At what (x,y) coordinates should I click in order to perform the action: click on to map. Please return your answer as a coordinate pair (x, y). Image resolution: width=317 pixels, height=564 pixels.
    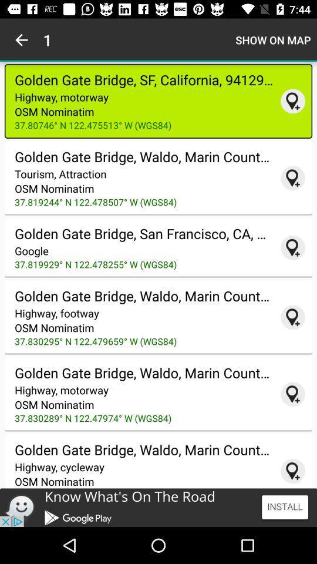
    Looking at the image, I should click on (292, 317).